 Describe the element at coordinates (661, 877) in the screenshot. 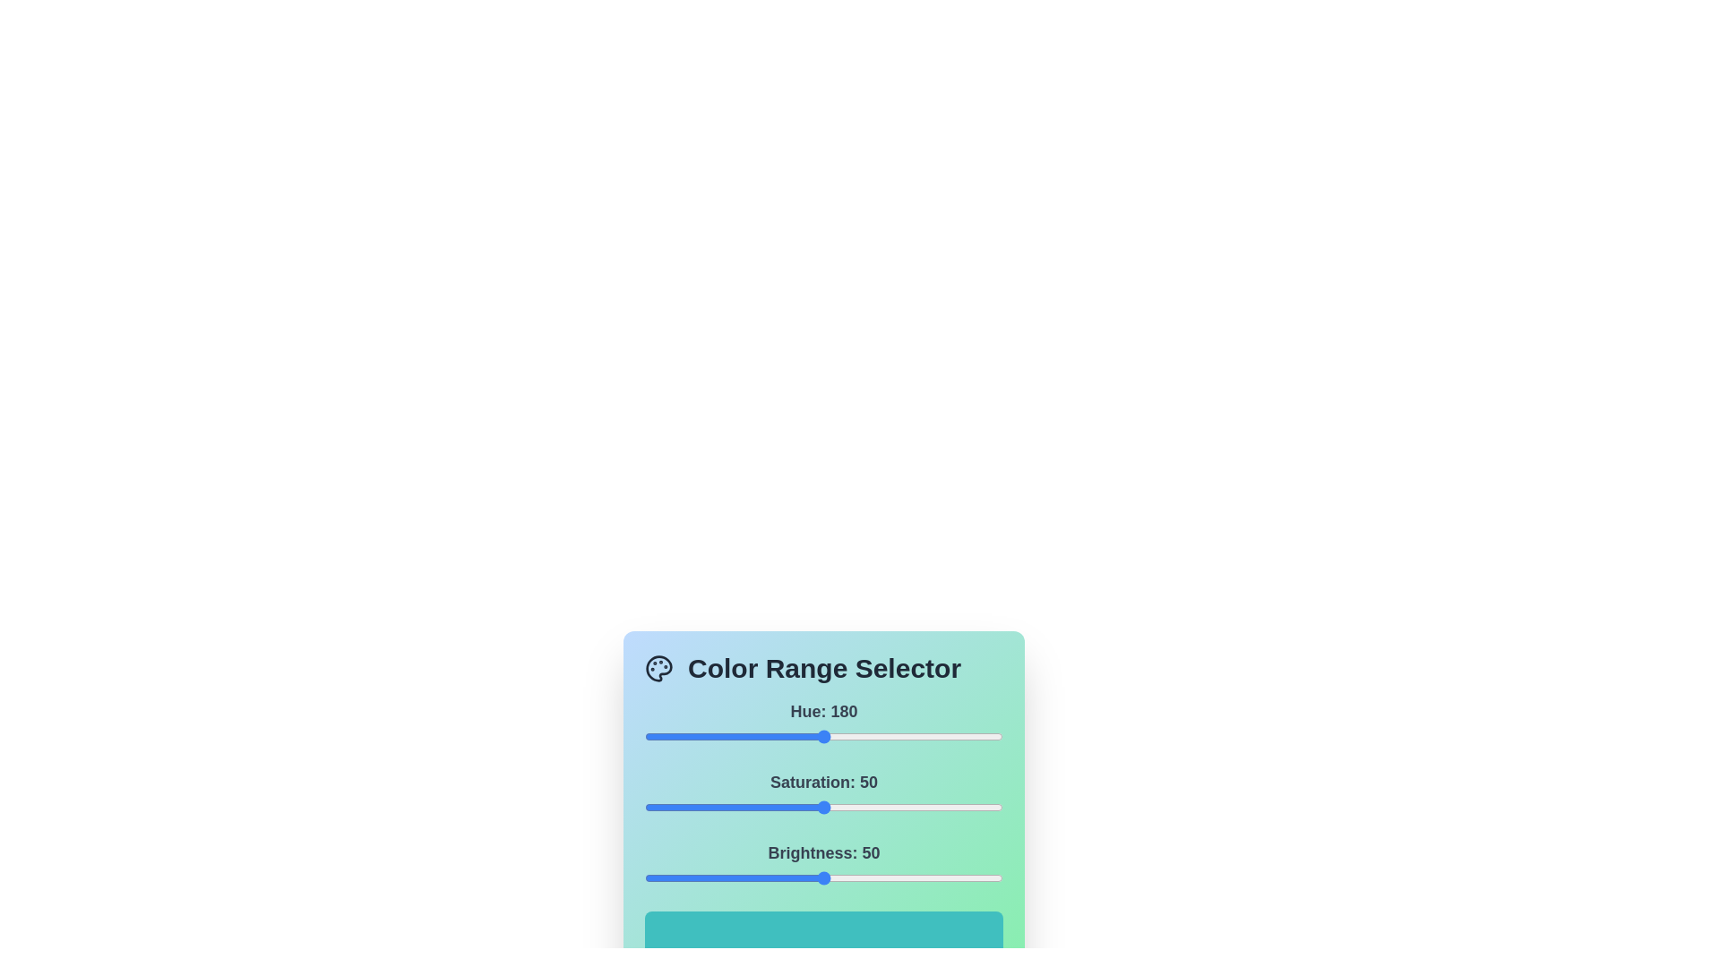

I see `the brightness slider to set the brightness value to 5` at that location.